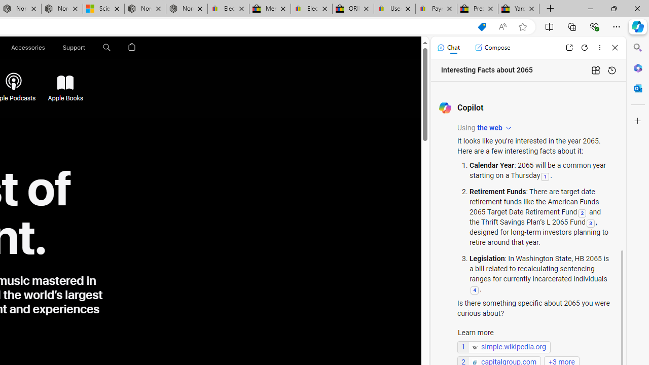 The height and width of the screenshot is (365, 649). What do you see at coordinates (131, 47) in the screenshot?
I see `'AutomationID: globalnav-bag'` at bounding box center [131, 47].